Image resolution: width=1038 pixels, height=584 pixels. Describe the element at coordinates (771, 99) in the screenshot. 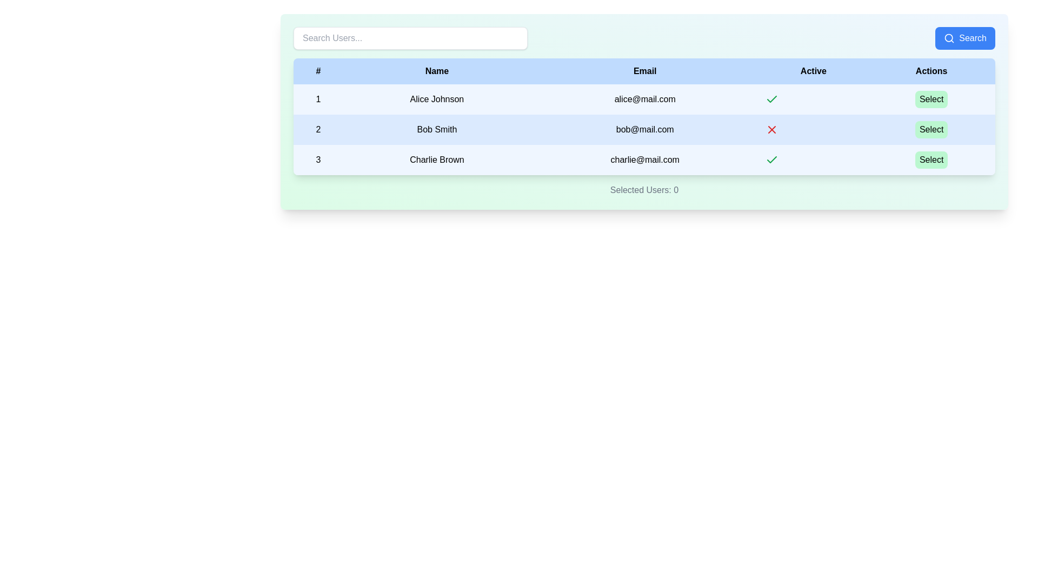

I see `the green check mark icon located in the 'Active' column for the 'Charlie Brown' entry in the user data table` at that location.